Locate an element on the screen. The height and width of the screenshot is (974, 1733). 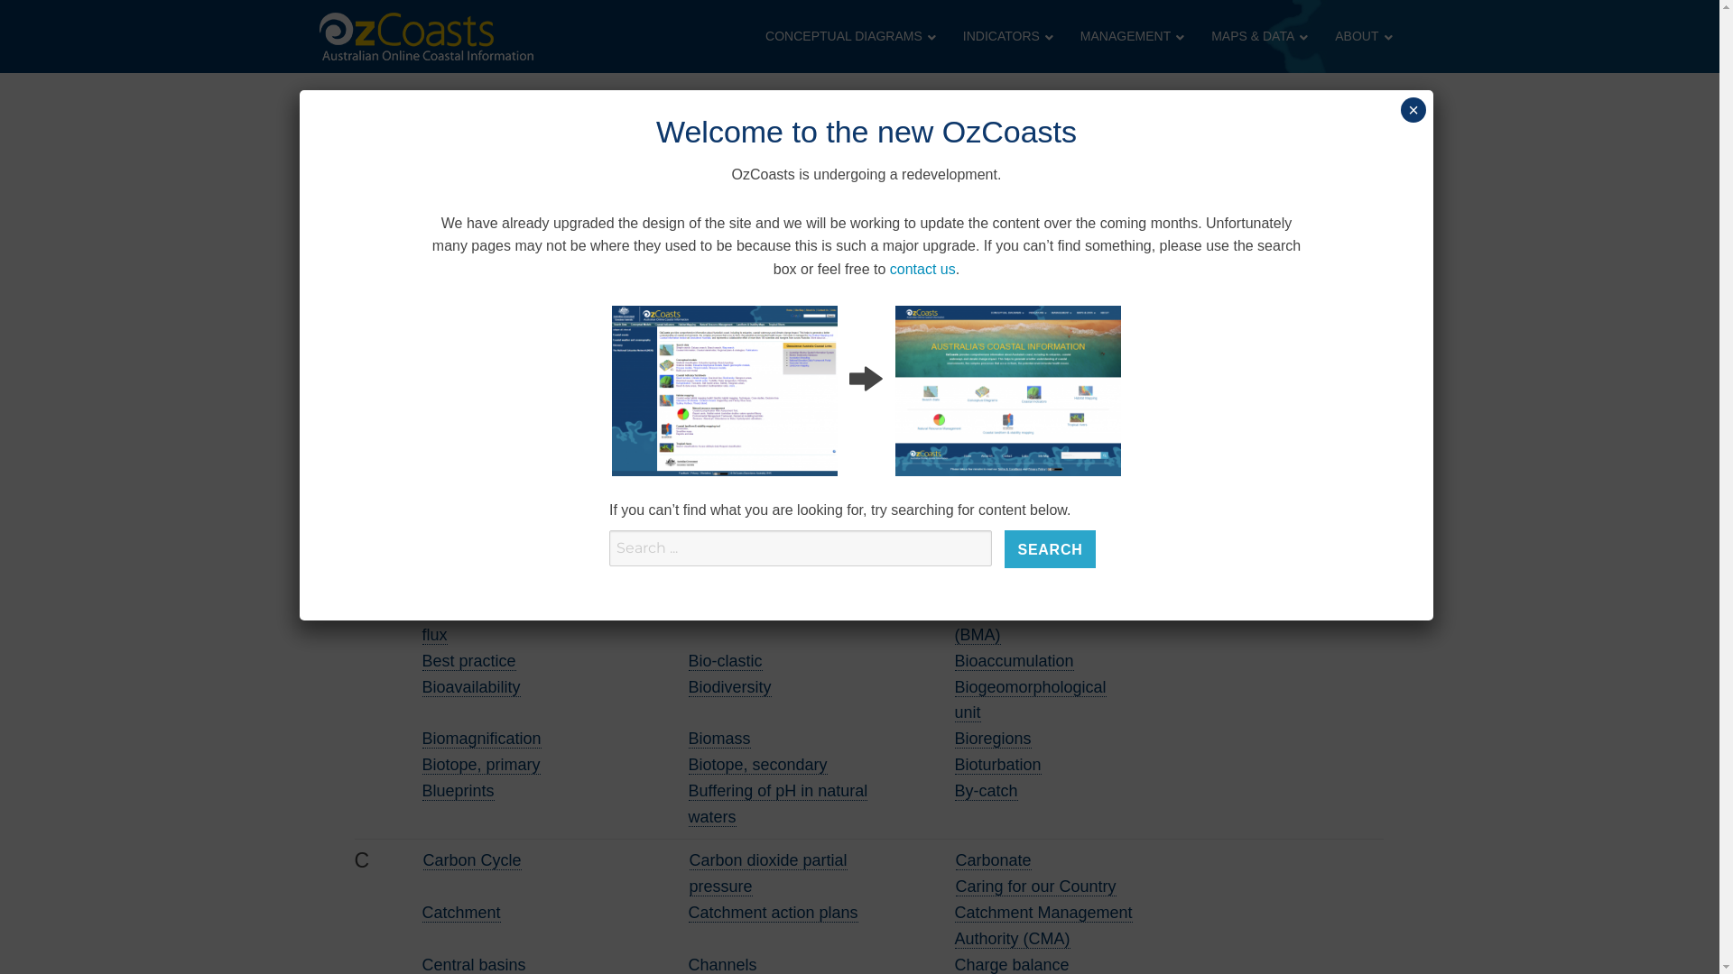
'MAPS & DATA' is located at coordinates (1192, 36).